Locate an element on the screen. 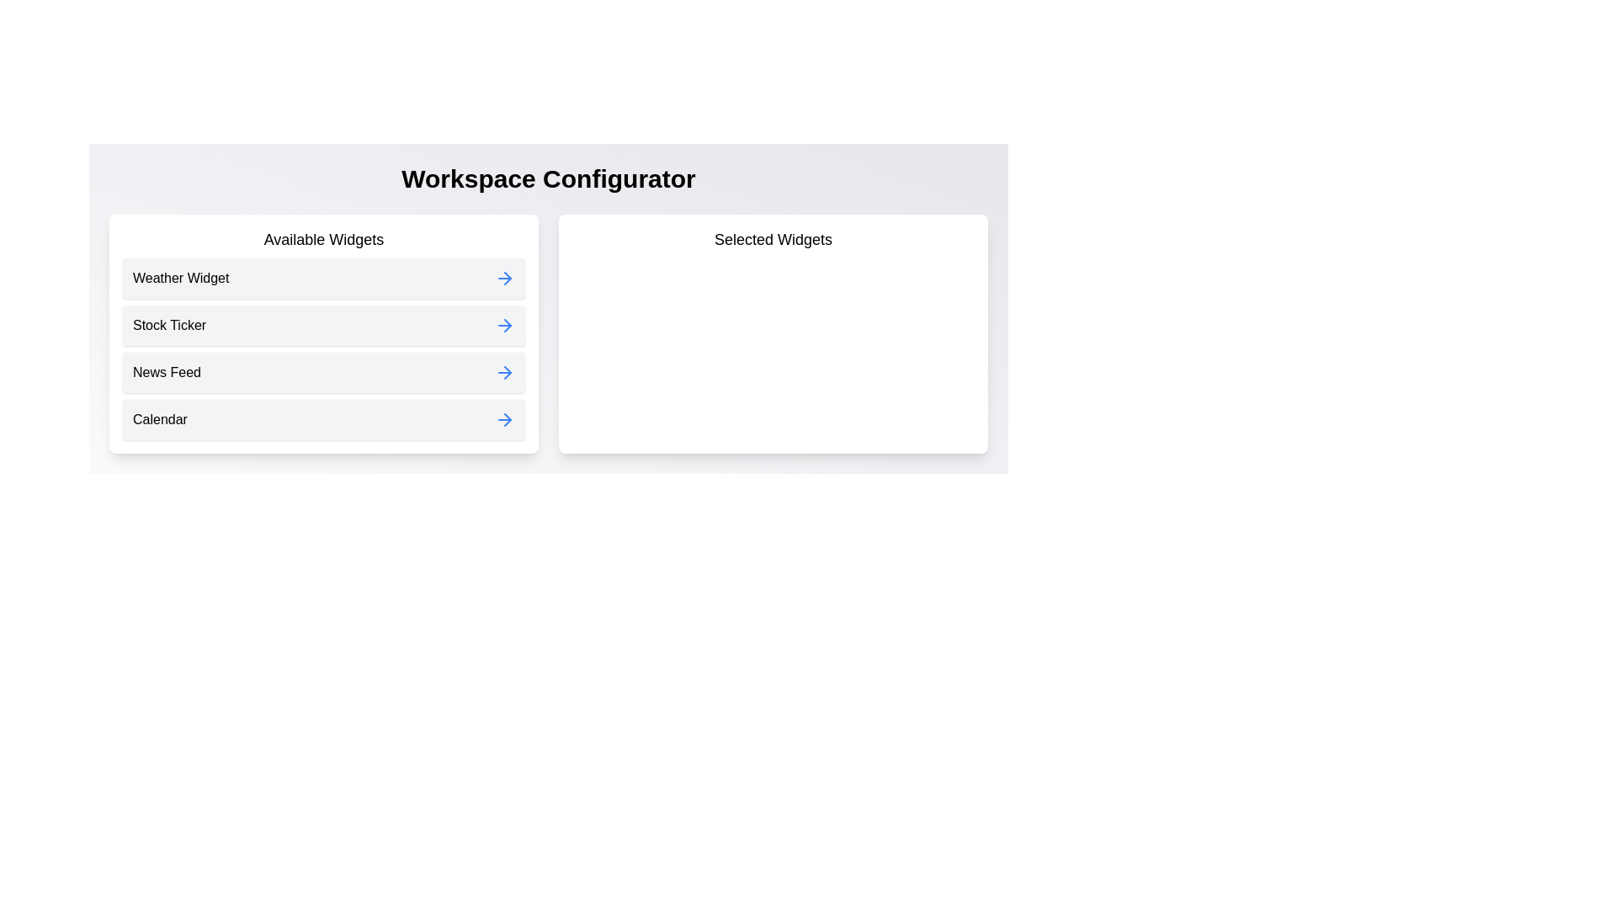 This screenshot has height=909, width=1616. the widget Weather Widget from the available list by clicking its corresponding arrow is located at coordinates (504, 278).